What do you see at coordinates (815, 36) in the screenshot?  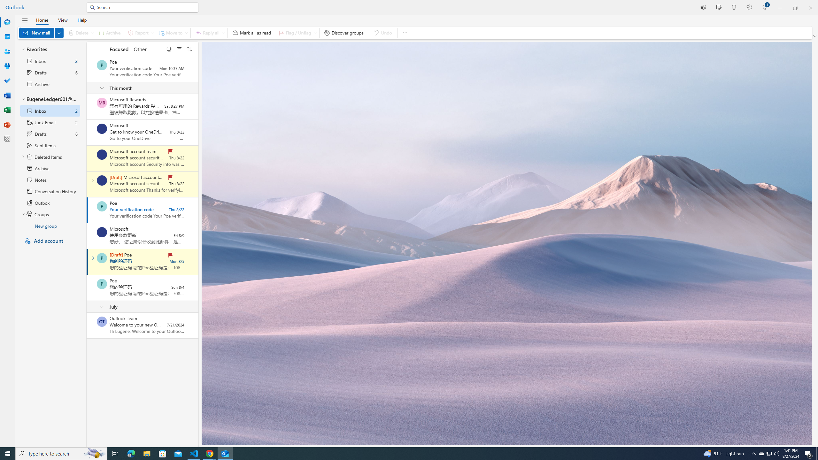 I see `'Ribbon display options'` at bounding box center [815, 36].